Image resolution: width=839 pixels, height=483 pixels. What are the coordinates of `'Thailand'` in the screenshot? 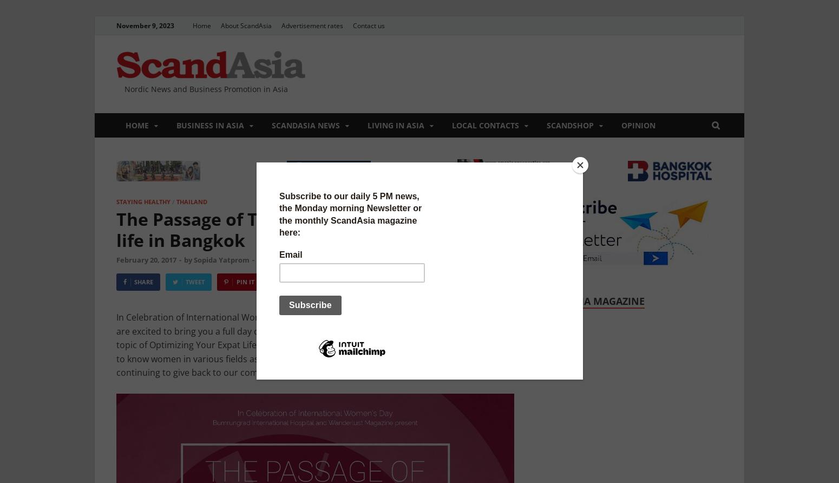 It's located at (191, 200).